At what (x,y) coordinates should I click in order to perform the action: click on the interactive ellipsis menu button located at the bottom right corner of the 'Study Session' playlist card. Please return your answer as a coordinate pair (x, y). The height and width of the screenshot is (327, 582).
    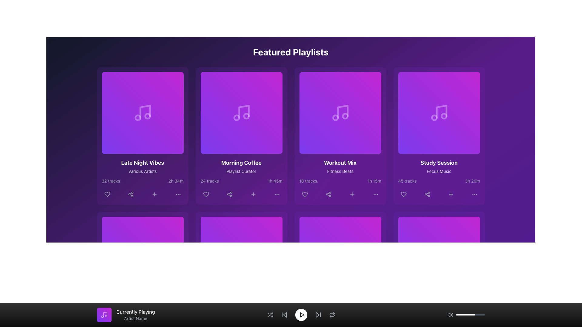
    Looking at the image, I should click on (474, 194).